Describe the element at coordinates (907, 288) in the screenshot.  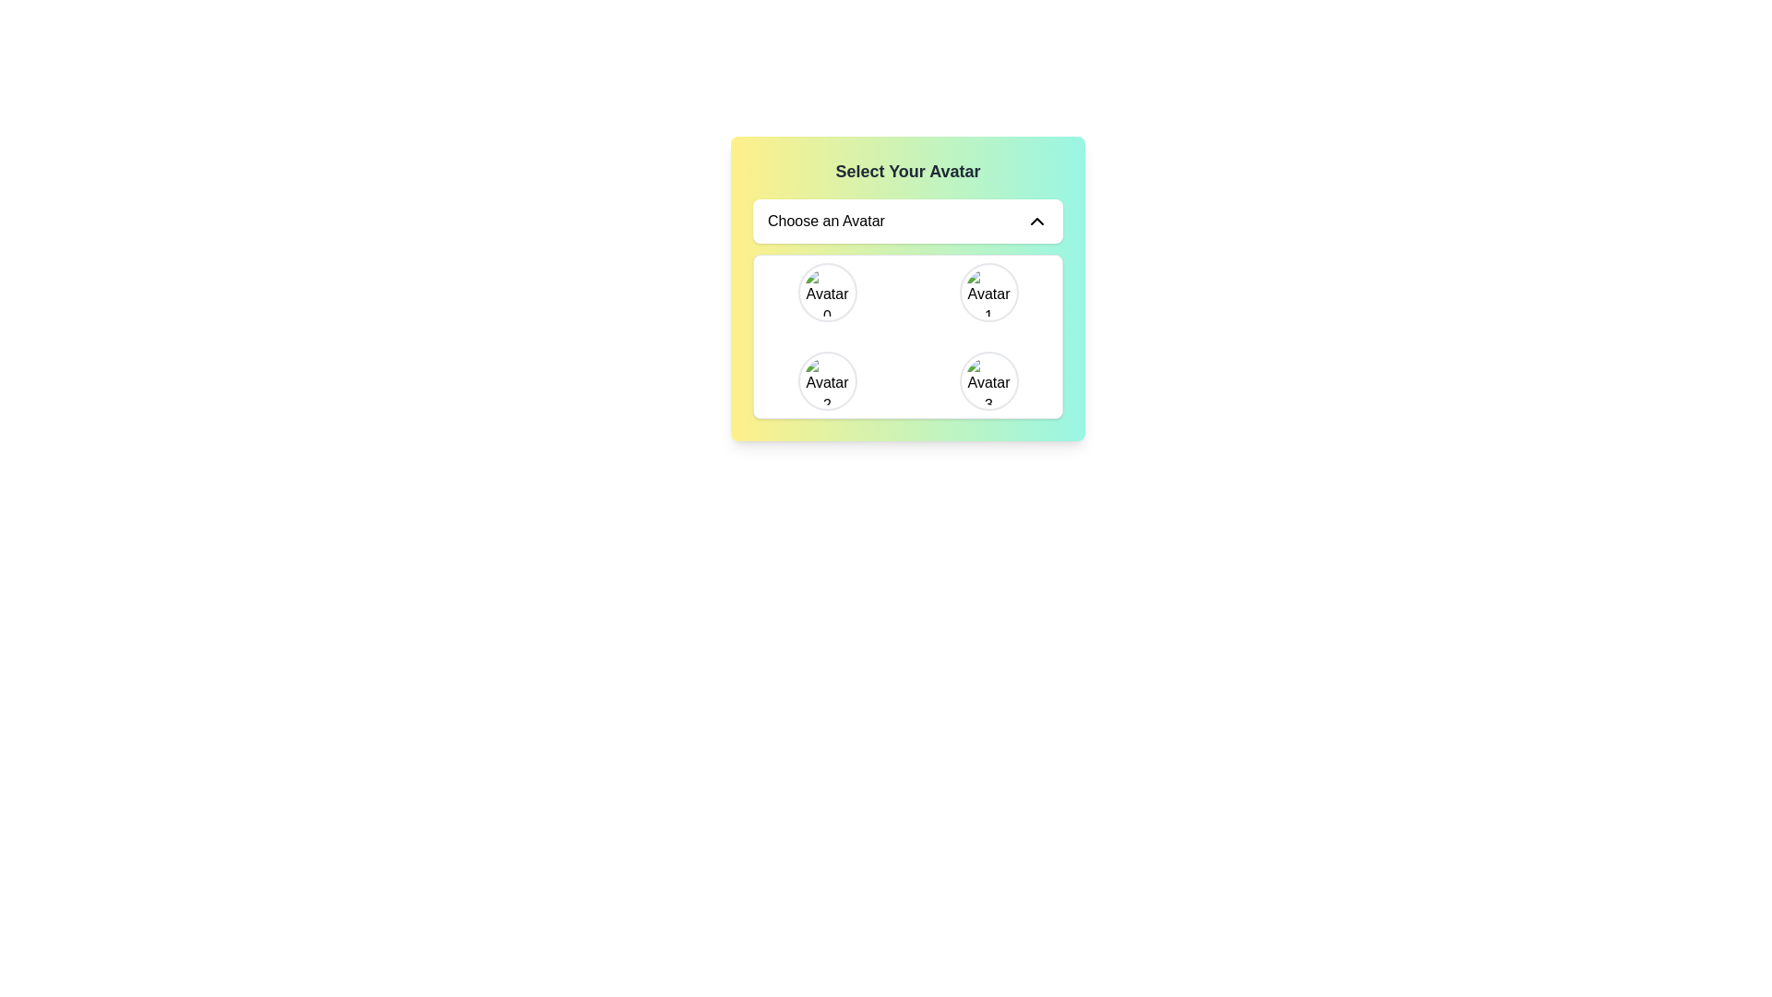
I see `an avatar in the selection widget labeled 'Select Your Avatar'` at that location.